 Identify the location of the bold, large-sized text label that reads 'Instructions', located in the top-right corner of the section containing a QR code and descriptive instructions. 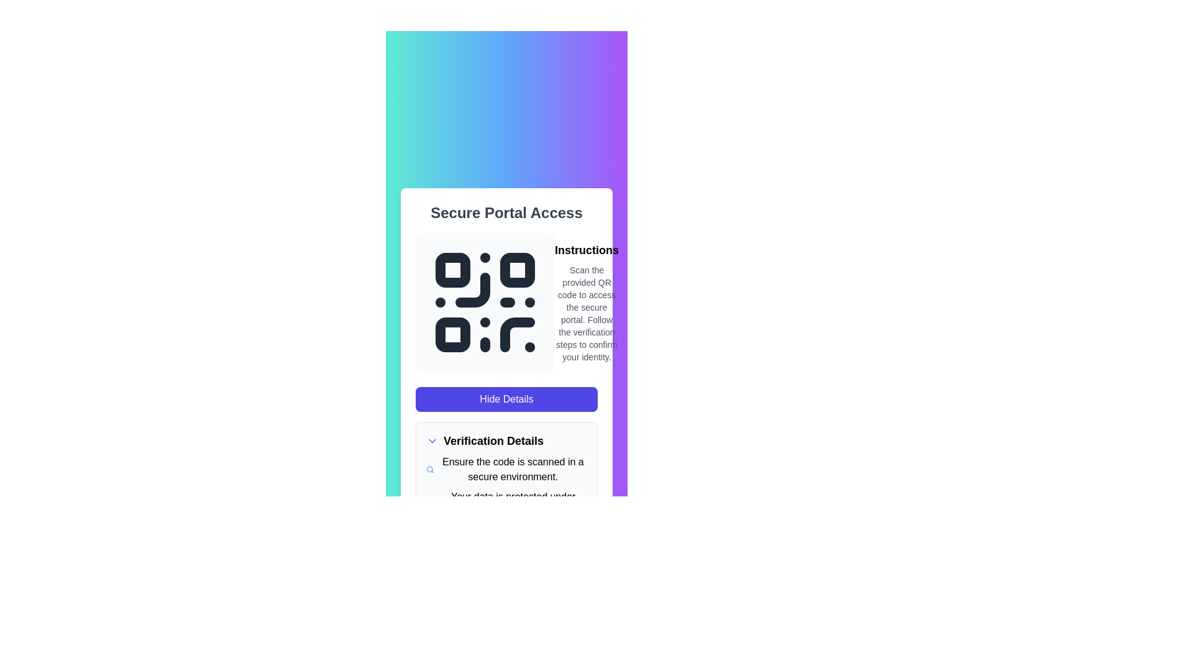
(586, 250).